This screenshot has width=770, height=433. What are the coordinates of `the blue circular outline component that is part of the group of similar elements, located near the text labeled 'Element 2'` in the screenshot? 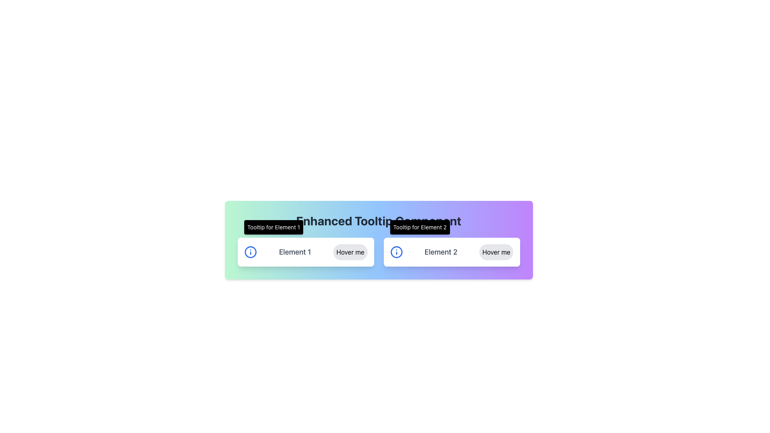 It's located at (396, 251).